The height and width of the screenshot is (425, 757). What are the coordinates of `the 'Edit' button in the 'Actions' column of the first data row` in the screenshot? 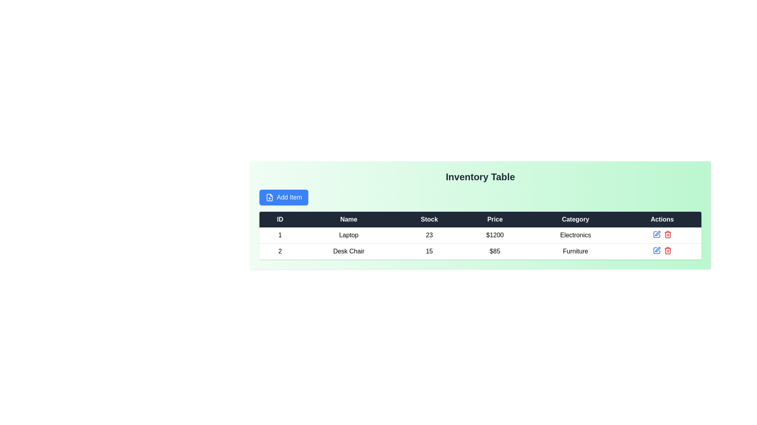 It's located at (656, 234).